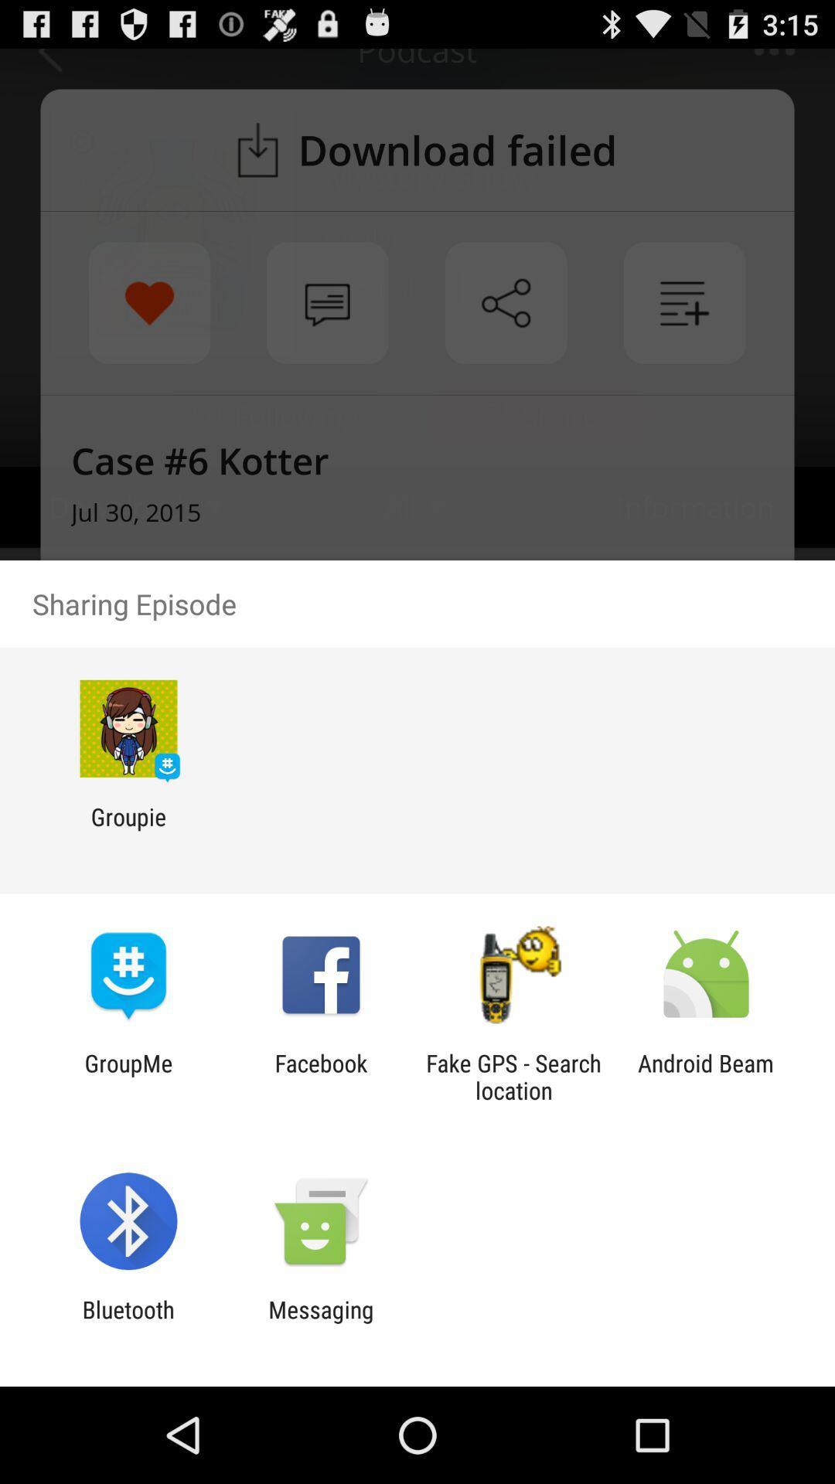 This screenshot has width=835, height=1484. Describe the element at coordinates (320, 1076) in the screenshot. I see `item next to groupme app` at that location.